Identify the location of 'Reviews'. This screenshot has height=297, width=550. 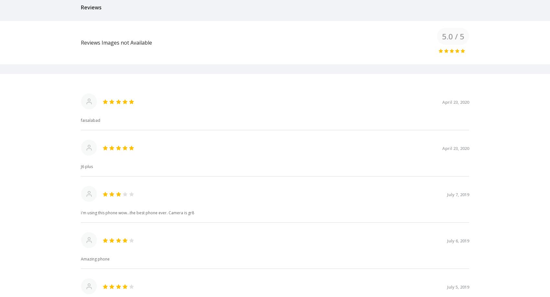
(91, 7).